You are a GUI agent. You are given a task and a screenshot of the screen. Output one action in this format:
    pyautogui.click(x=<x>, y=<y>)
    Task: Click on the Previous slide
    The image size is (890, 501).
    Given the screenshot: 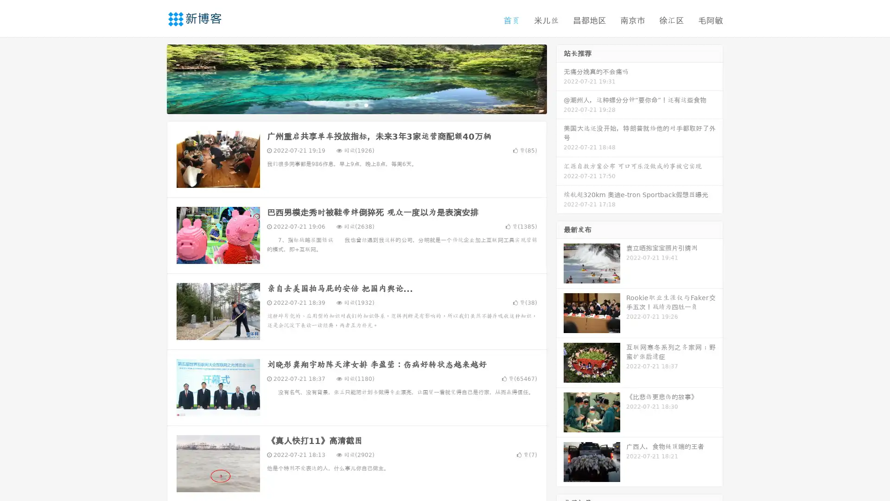 What is the action you would take?
    pyautogui.click(x=153, y=78)
    